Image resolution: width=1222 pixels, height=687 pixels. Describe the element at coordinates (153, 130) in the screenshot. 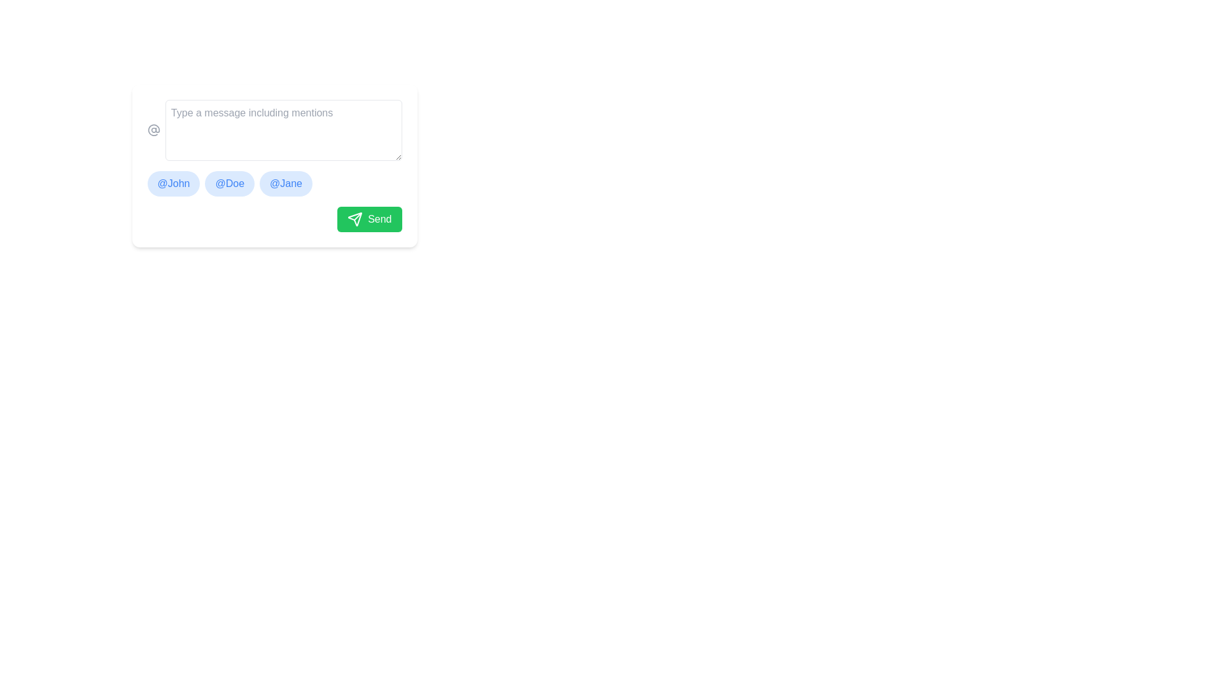

I see `the decorative or informative icon located at the left side of the text input field where users can type messages` at that location.